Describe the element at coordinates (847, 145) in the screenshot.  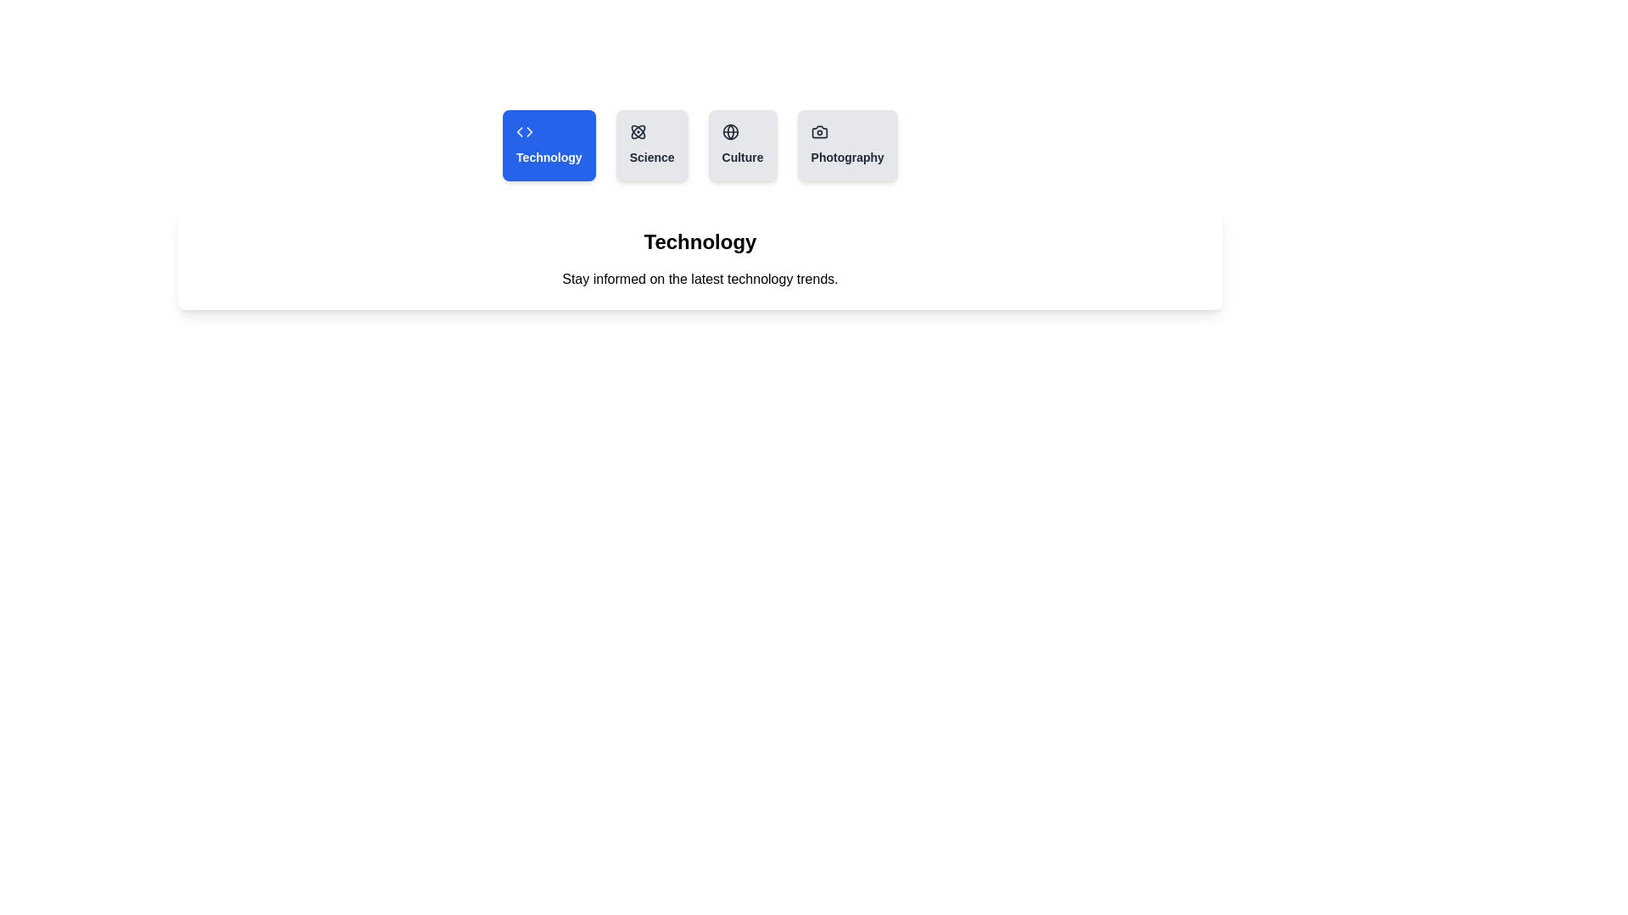
I see `the tab labeled Photography to select it` at that location.